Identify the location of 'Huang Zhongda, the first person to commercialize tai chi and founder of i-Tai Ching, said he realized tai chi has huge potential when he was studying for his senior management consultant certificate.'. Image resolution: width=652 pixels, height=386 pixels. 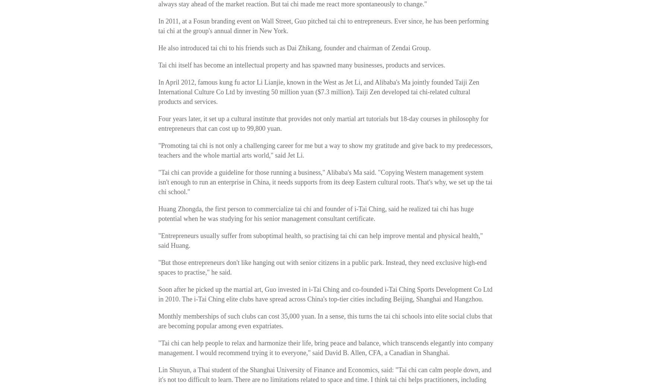
(158, 214).